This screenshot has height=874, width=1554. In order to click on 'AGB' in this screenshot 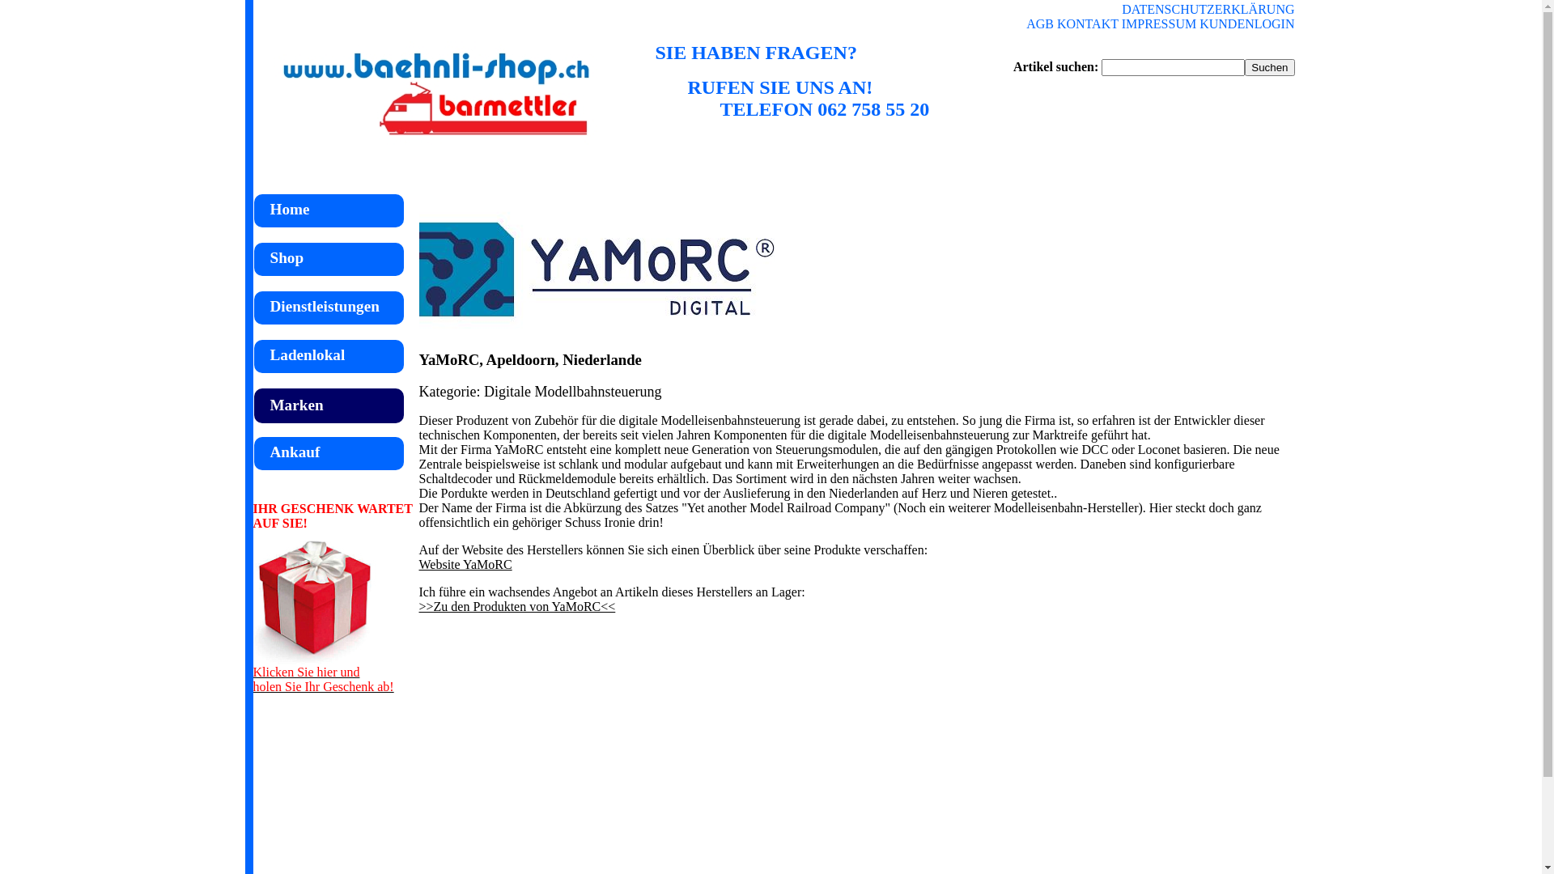, I will do `click(1040, 23)`.